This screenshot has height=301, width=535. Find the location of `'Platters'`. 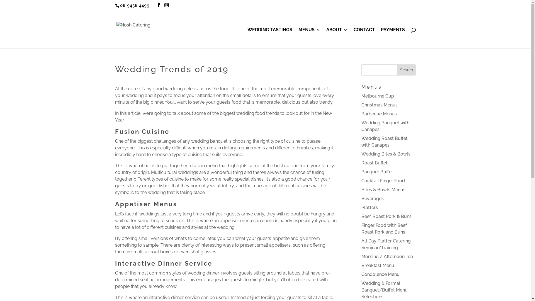

'Platters' is located at coordinates (369, 207).